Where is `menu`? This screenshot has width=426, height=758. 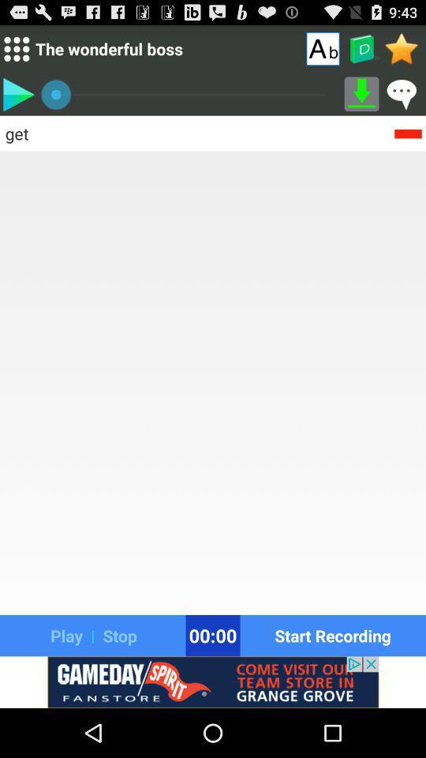
menu is located at coordinates (16, 48).